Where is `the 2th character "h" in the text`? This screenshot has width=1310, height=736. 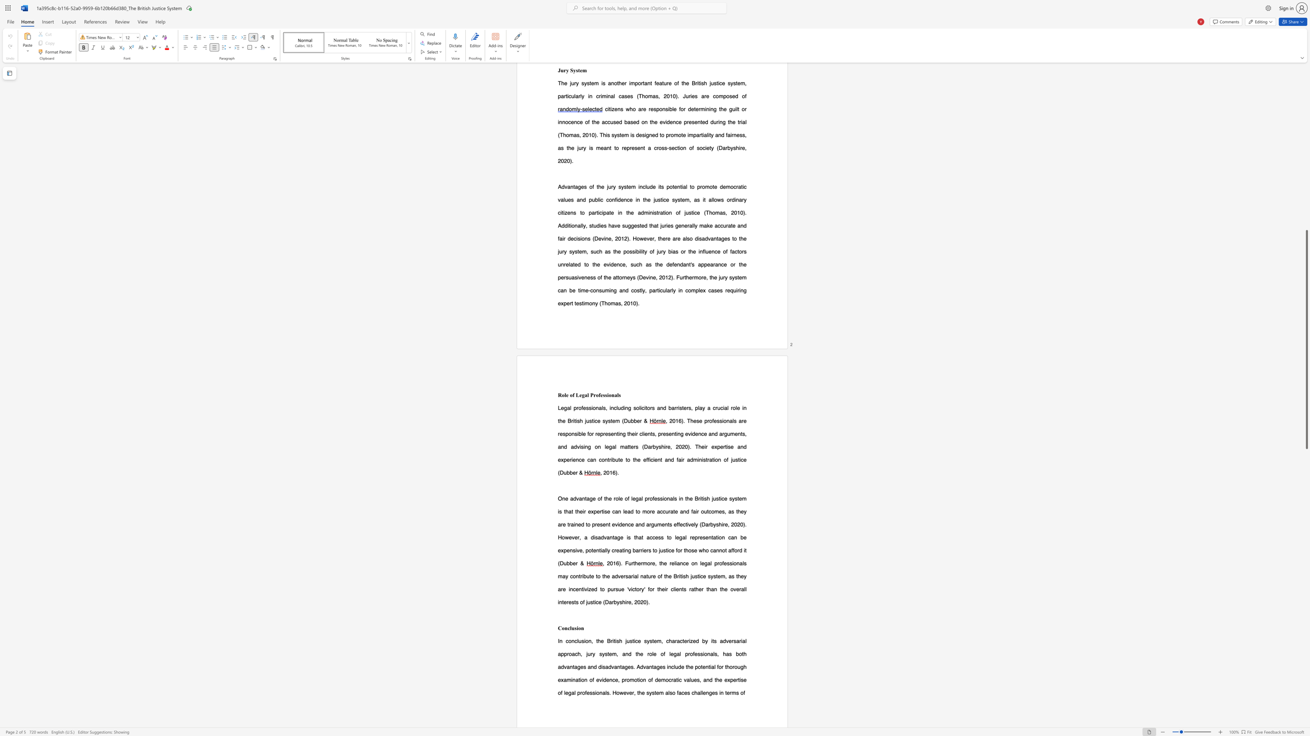
the 2th character "h" in the text is located at coordinates (620, 641).